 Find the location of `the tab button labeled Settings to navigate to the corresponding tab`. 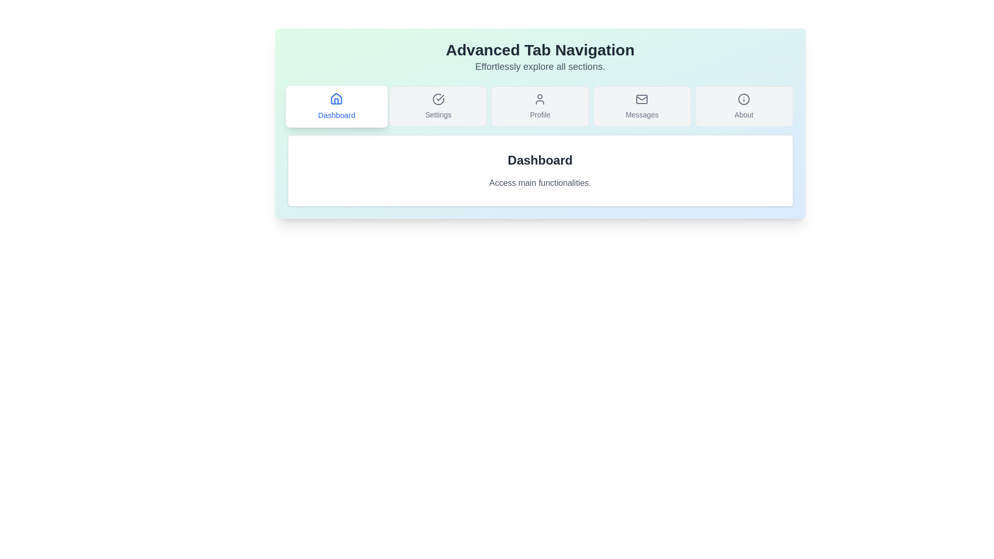

the tab button labeled Settings to navigate to the corresponding tab is located at coordinates (438, 106).